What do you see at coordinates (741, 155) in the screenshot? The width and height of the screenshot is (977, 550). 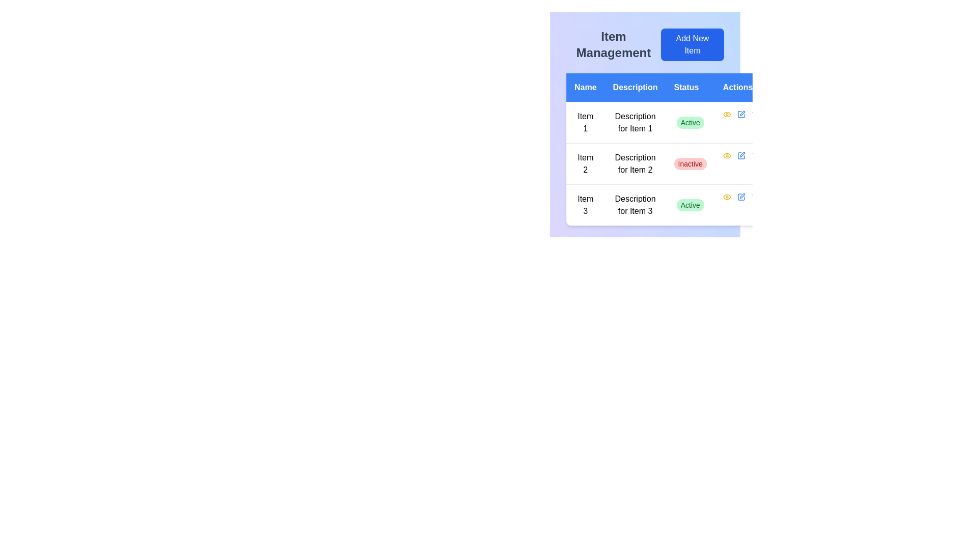 I see `the blue square icon with a pen outline in the 'Actions' column for 'Item 2'` at bounding box center [741, 155].